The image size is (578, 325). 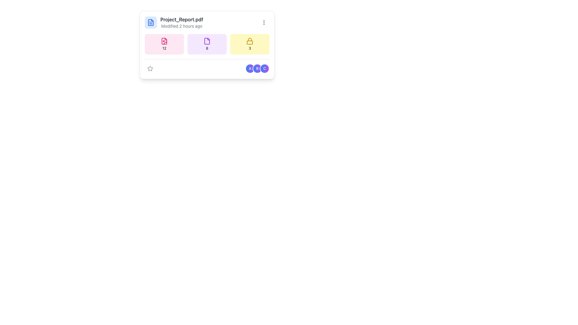 What do you see at coordinates (264, 22) in the screenshot?
I see `the 'More options' icon located in the top-right corner of the card layout` at bounding box center [264, 22].